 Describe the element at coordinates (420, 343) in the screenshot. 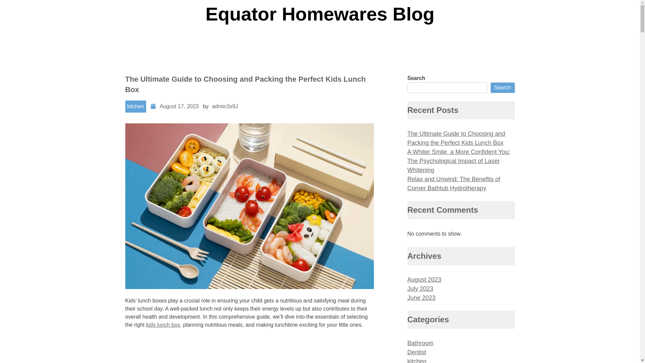

I see `'Bathroom'` at that location.